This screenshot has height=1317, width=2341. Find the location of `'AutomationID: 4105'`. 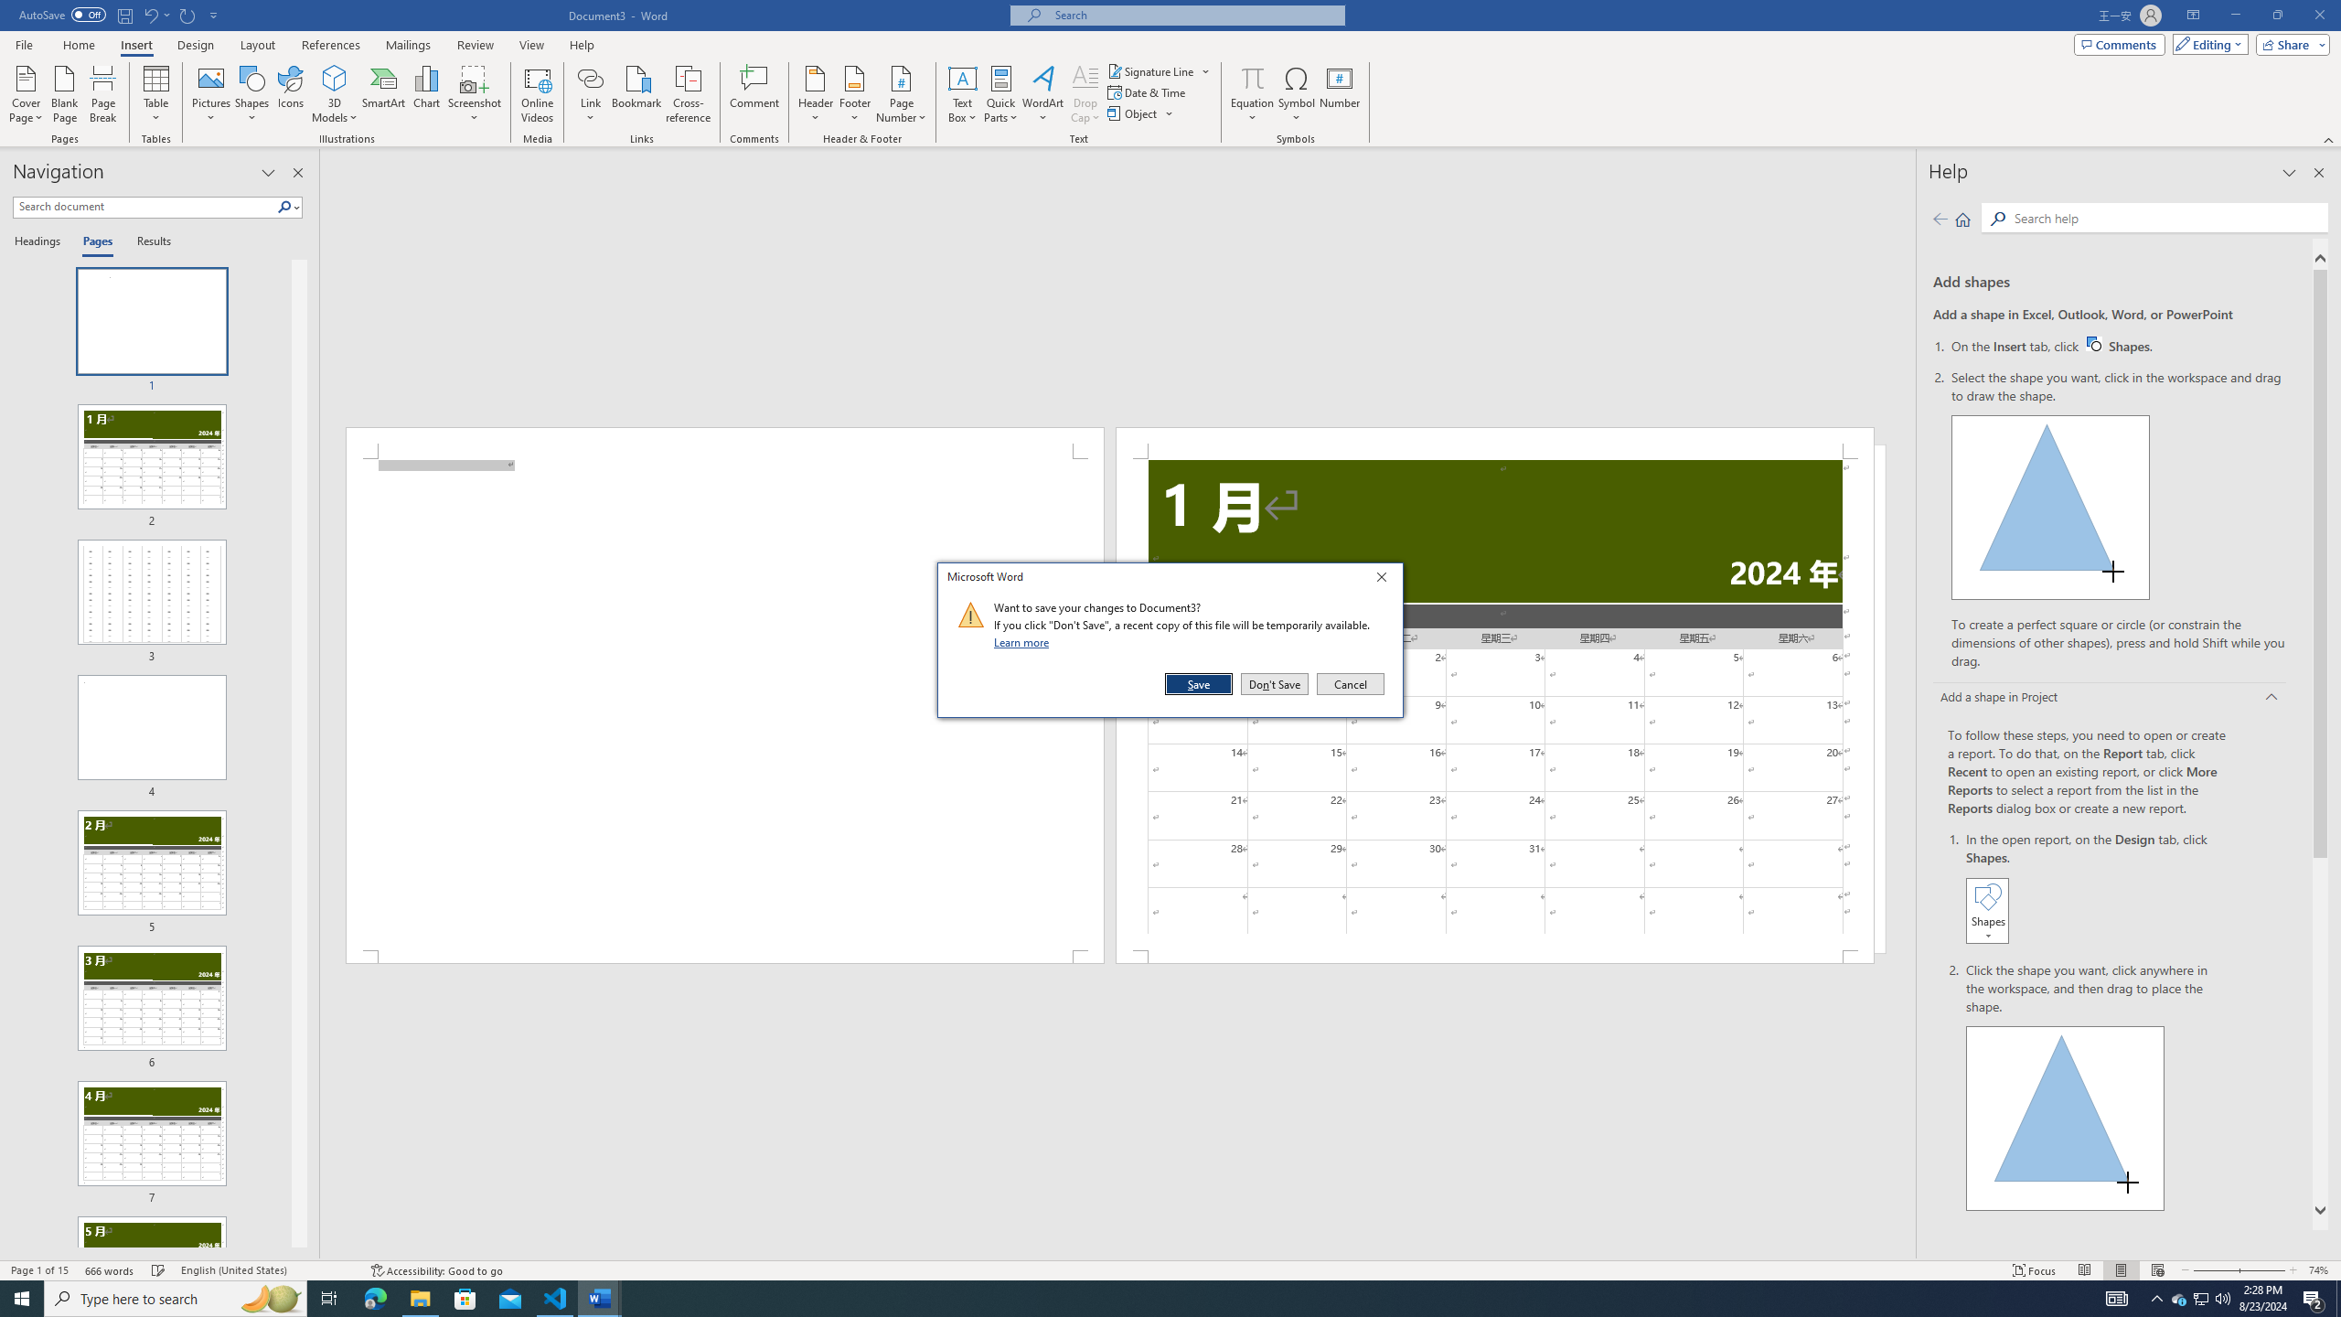

'AutomationID: 4105' is located at coordinates (2117, 1297).